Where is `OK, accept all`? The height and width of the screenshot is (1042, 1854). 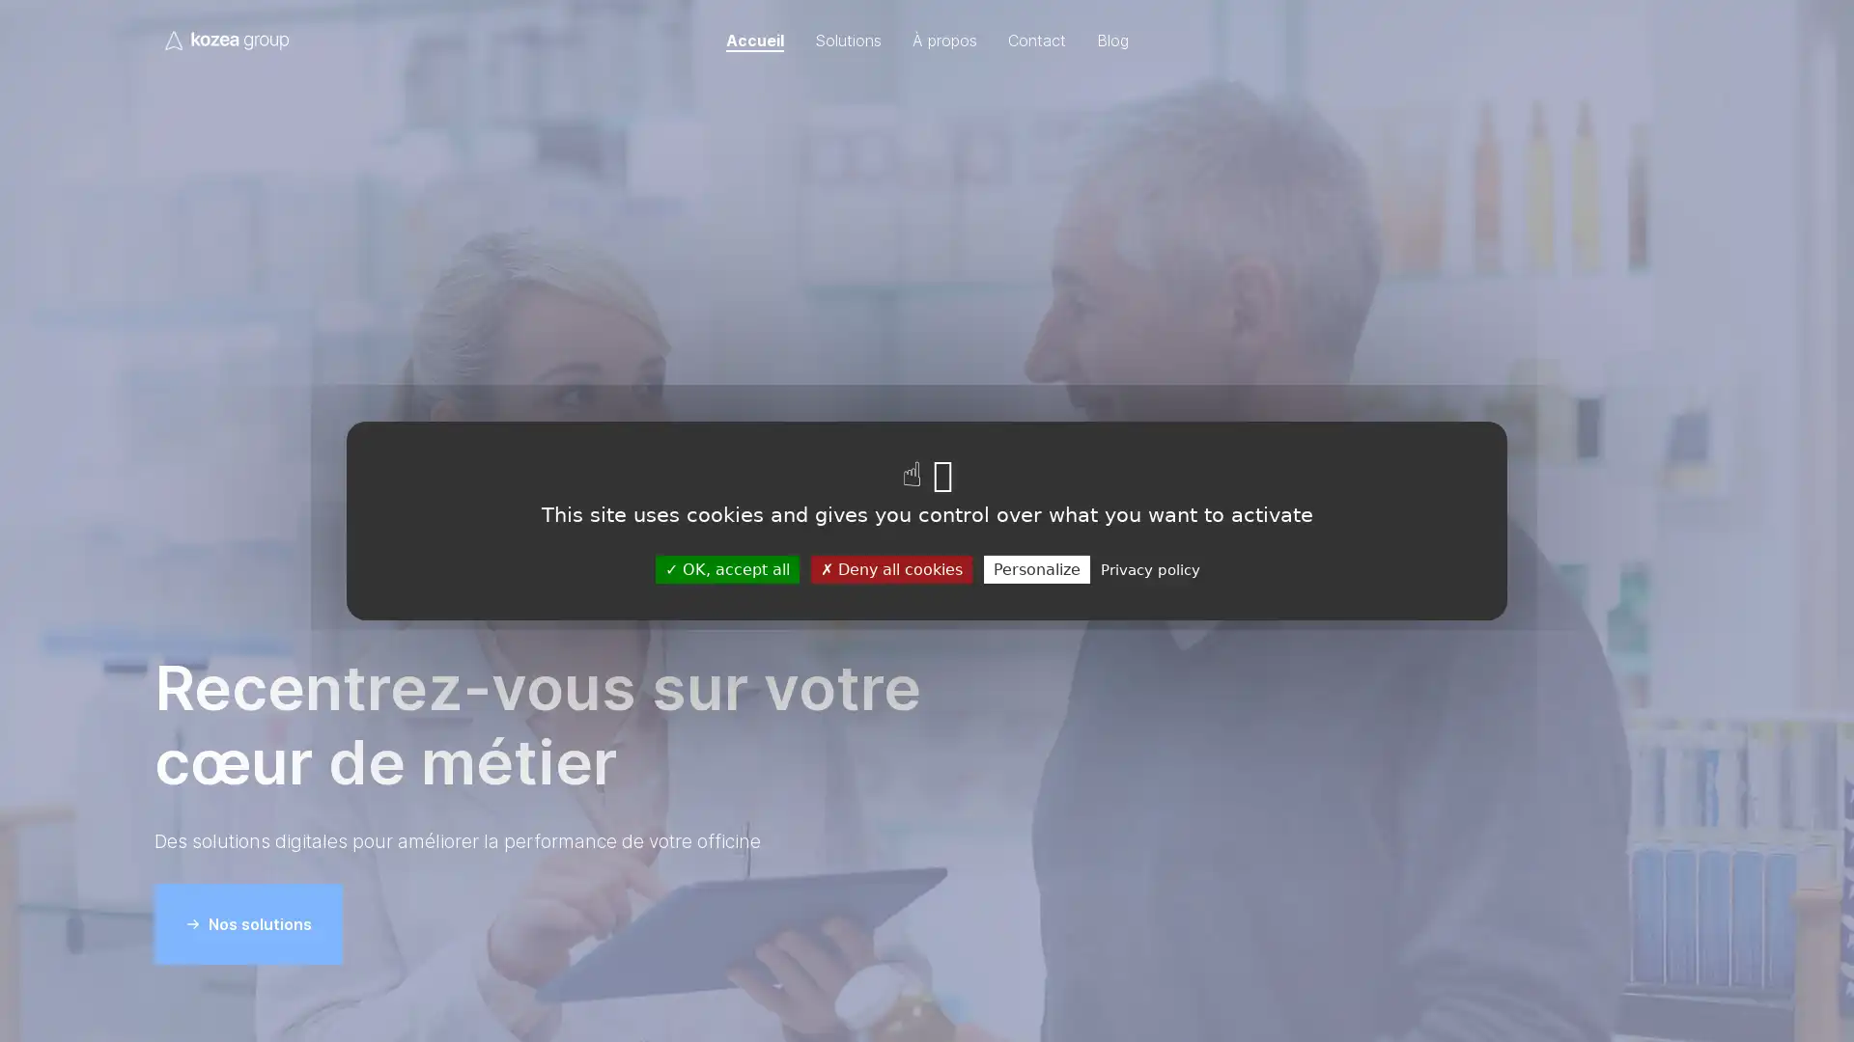 OK, accept all is located at coordinates (725, 568).